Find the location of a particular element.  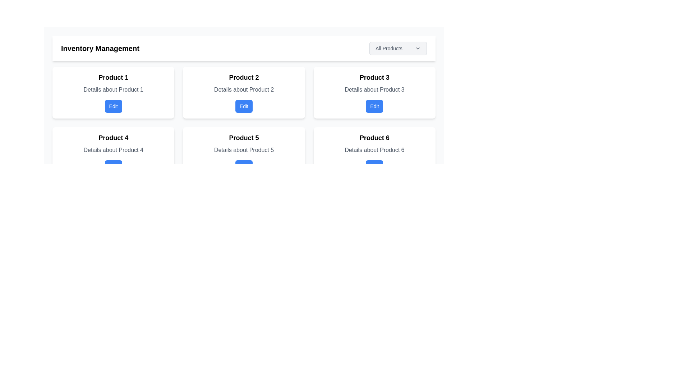

the text label displaying 'Details about Product 6', which is styled in gray and located under the title 'Product 6' in its card is located at coordinates (374, 149).